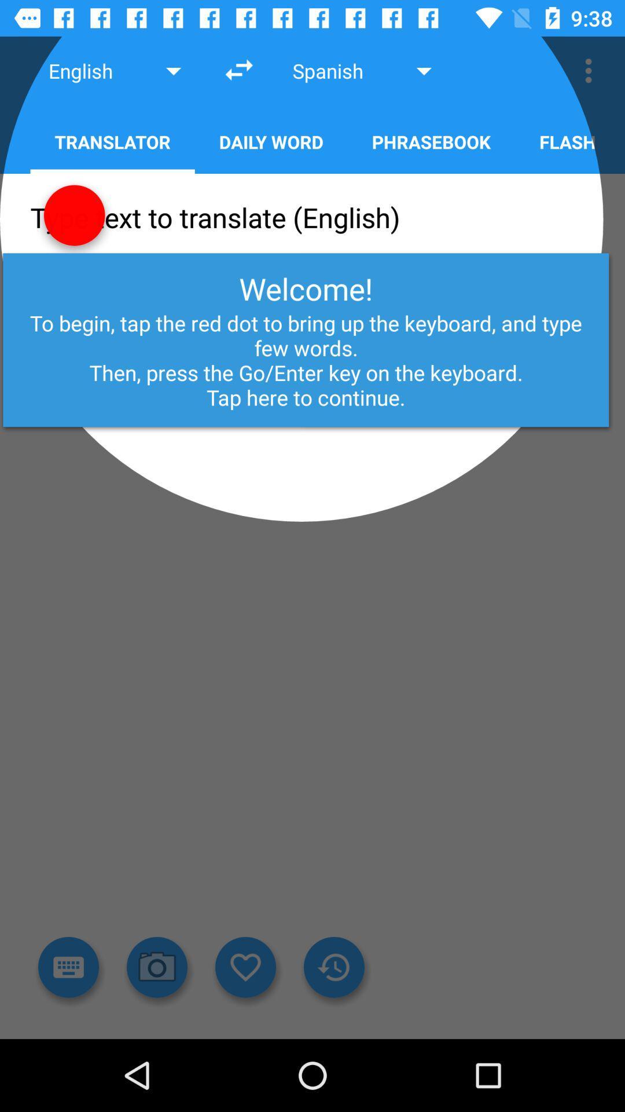 Image resolution: width=625 pixels, height=1112 pixels. What do you see at coordinates (157, 967) in the screenshot?
I see `the photo icon` at bounding box center [157, 967].